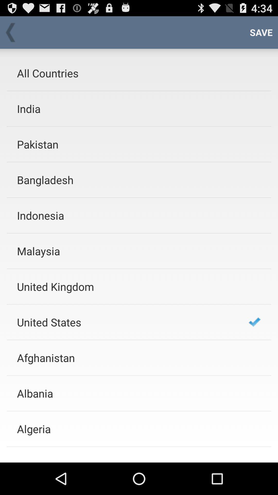 The height and width of the screenshot is (495, 278). I want to click on the all countries item, so click(126, 73).